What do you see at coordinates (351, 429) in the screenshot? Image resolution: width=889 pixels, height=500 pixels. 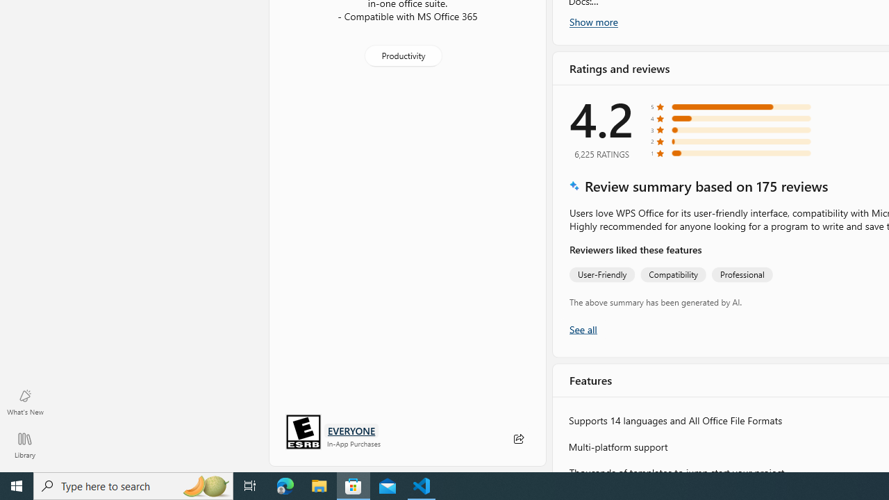 I see `'Age rating: EVERYONE. Click for more information.'` at bounding box center [351, 429].